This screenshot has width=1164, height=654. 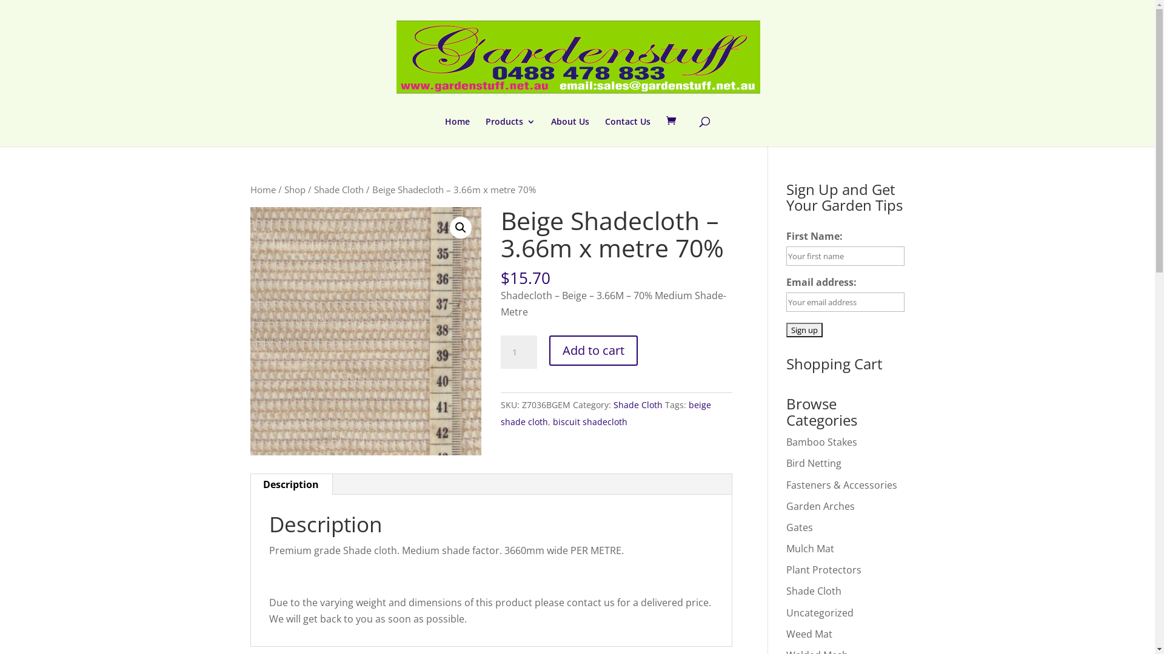 What do you see at coordinates (627, 132) in the screenshot?
I see `'Contact Us'` at bounding box center [627, 132].